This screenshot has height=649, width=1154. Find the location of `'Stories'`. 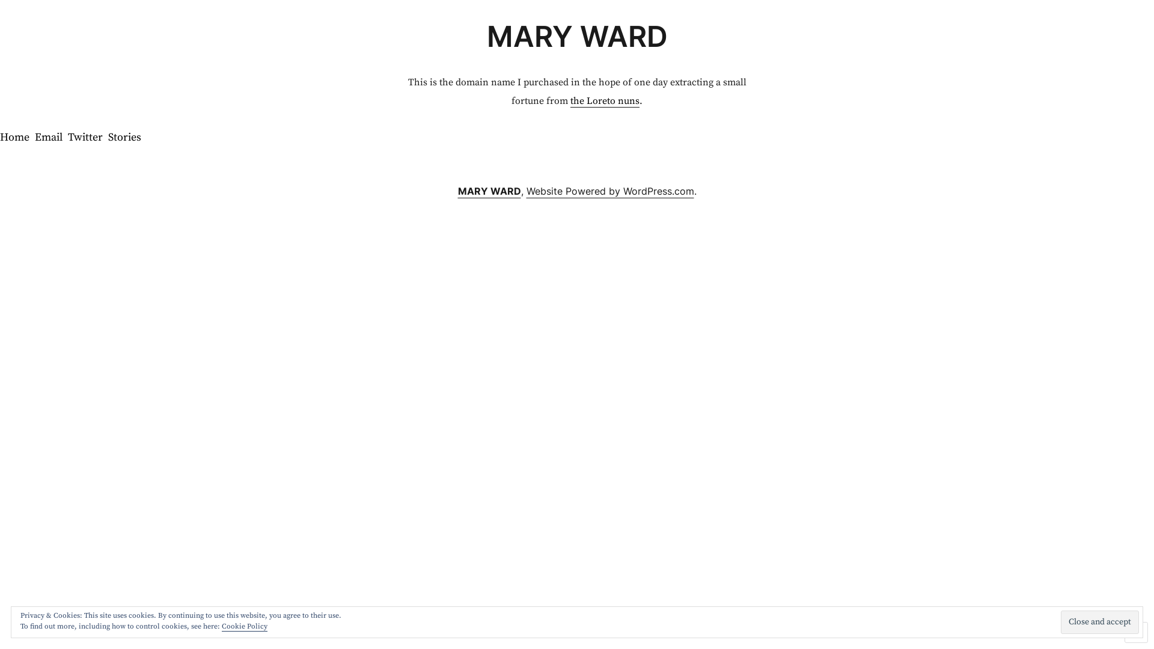

'Stories' is located at coordinates (108, 138).